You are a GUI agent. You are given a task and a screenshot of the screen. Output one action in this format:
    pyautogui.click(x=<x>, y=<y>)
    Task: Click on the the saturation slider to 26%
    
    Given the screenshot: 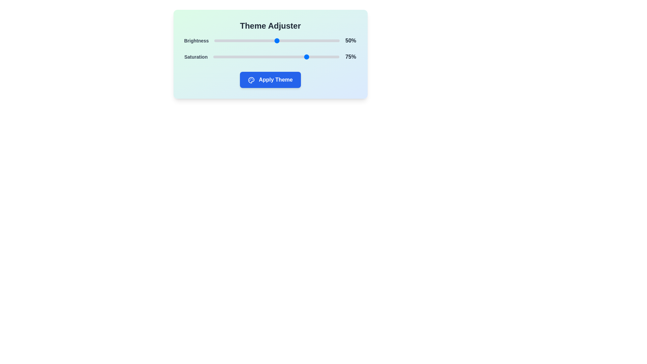 What is the action you would take?
    pyautogui.click(x=246, y=57)
    